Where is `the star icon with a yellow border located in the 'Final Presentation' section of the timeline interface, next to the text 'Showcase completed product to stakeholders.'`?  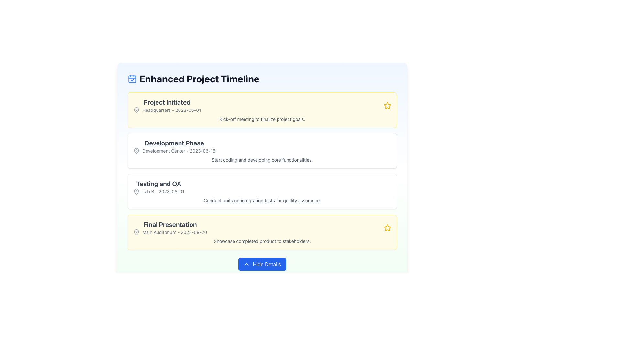
the star icon with a yellow border located in the 'Final Presentation' section of the timeline interface, next to the text 'Showcase completed product to stakeholders.' is located at coordinates (387, 227).